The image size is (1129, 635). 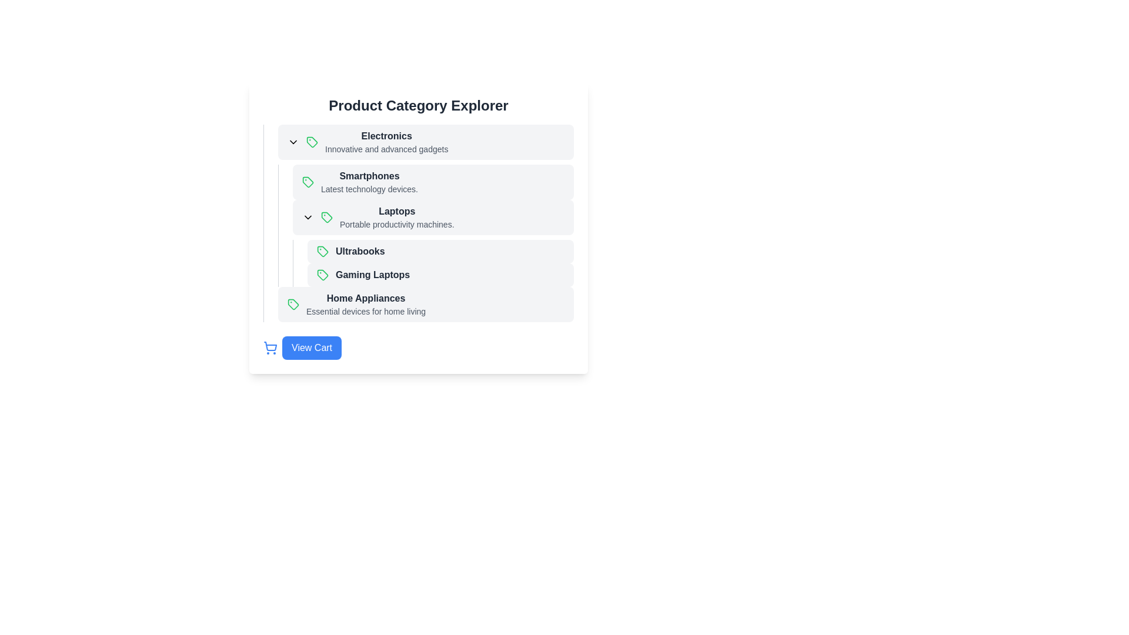 I want to click on the green outlined tag-like icon representing the 'Laptops' category, which is the first icon on the left side of the entry in the list of categories, so click(x=327, y=218).